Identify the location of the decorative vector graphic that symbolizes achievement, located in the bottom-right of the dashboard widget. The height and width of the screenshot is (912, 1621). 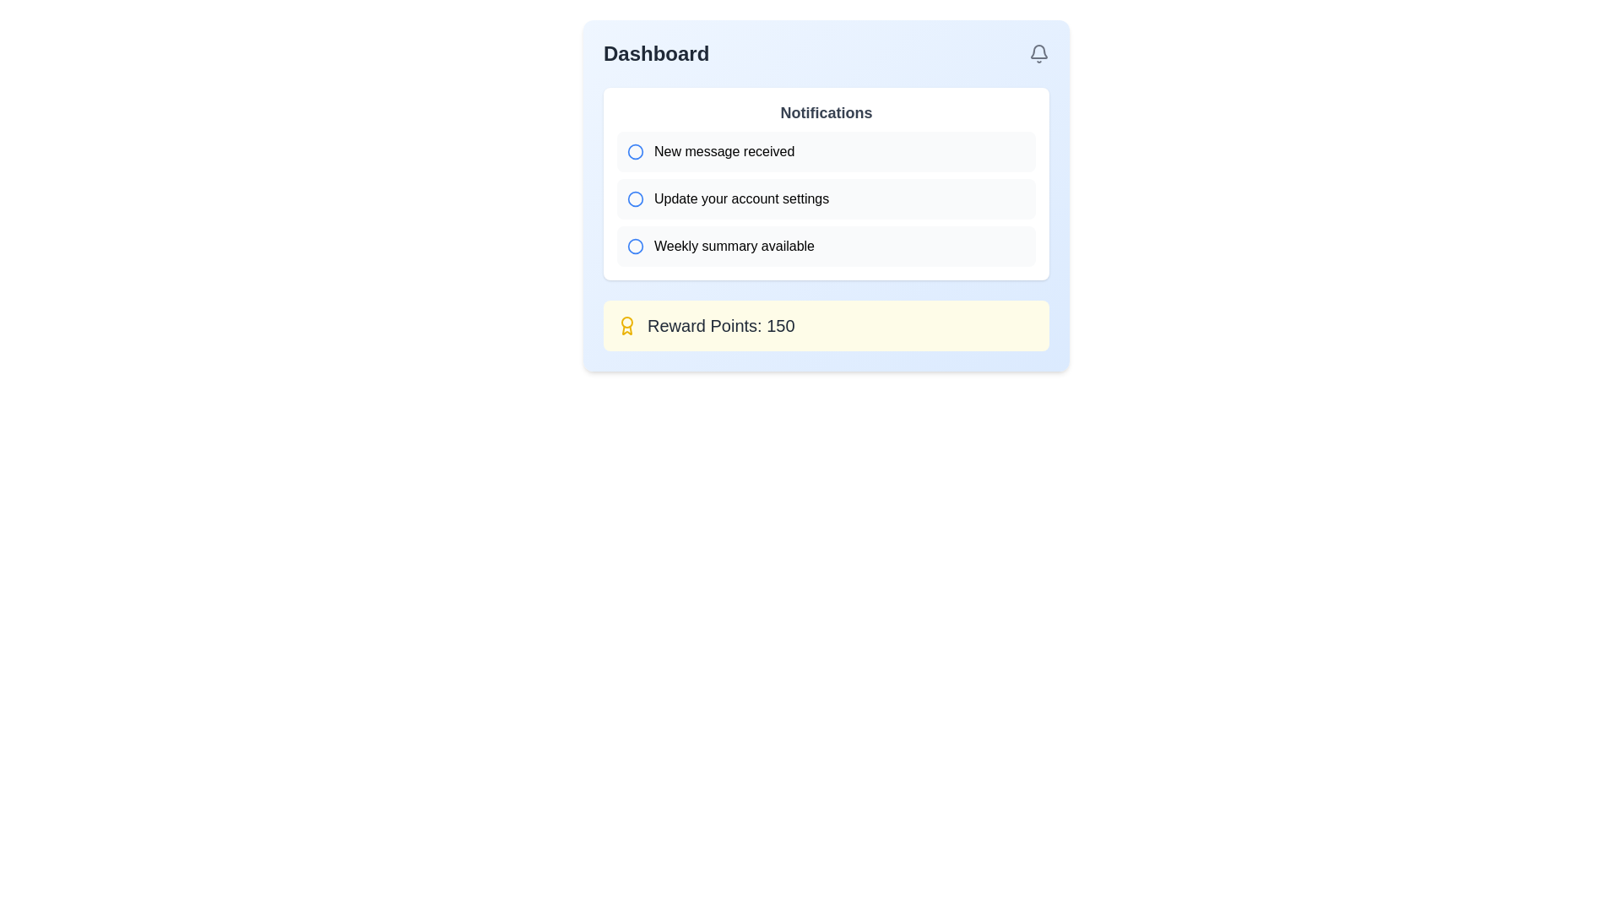
(626, 330).